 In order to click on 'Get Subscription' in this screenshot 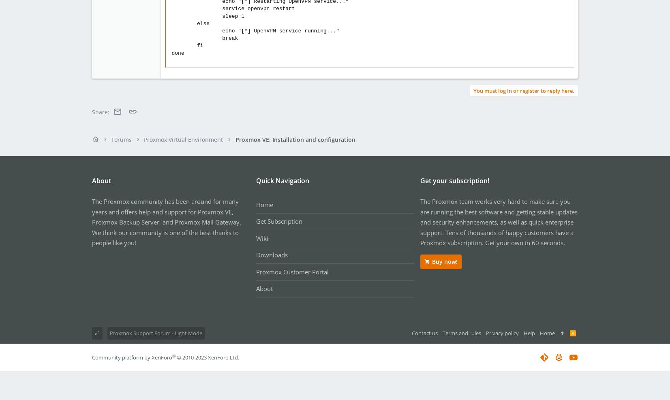, I will do `click(255, 221)`.